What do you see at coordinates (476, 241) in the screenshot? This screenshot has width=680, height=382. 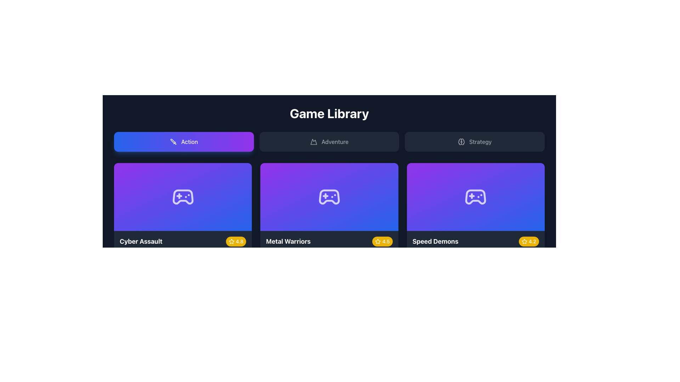 I see `the row containing the game title and rating badge` at bounding box center [476, 241].